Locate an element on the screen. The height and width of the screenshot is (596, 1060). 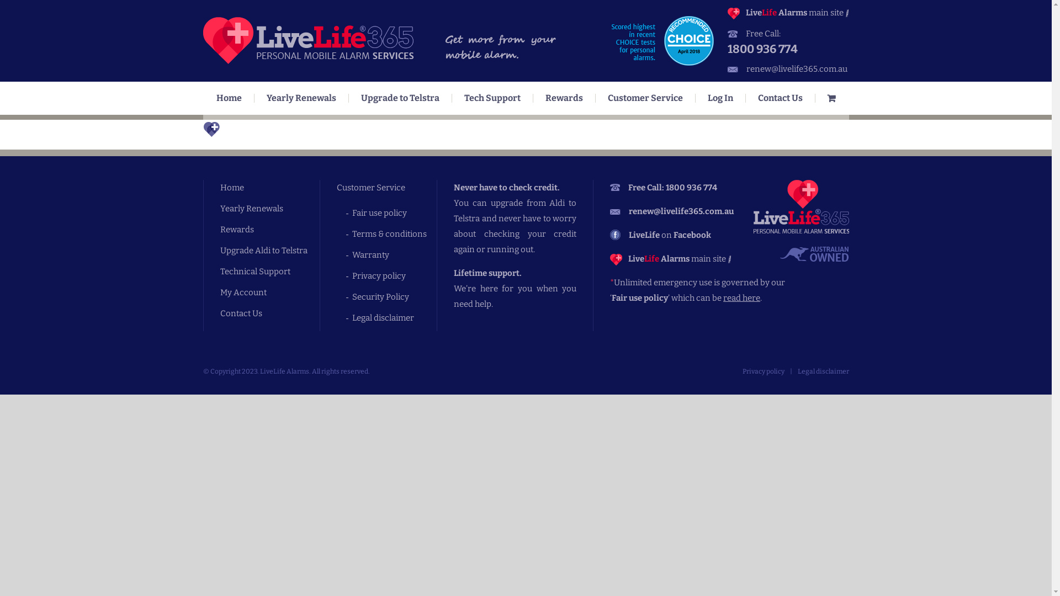
'Rewards' is located at coordinates (533, 97).